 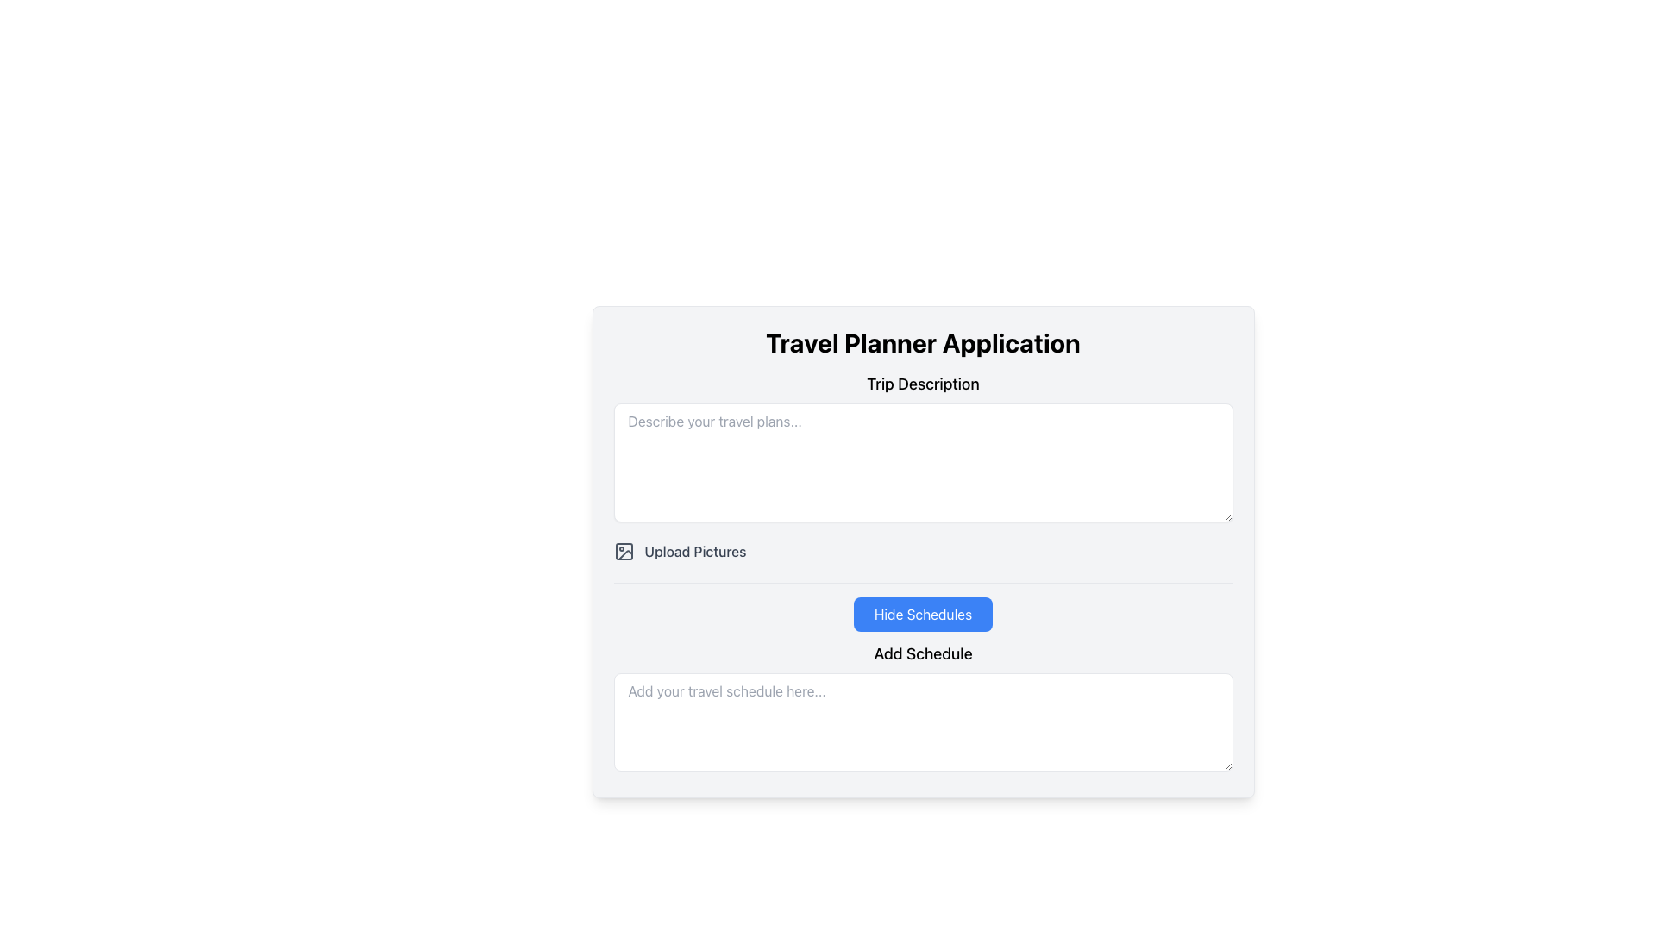 I want to click on the button that toggles the visibility of scheduled items, located above the 'Add Schedule' text field and under the 'Upload Pictures' button, so click(x=922, y=614).